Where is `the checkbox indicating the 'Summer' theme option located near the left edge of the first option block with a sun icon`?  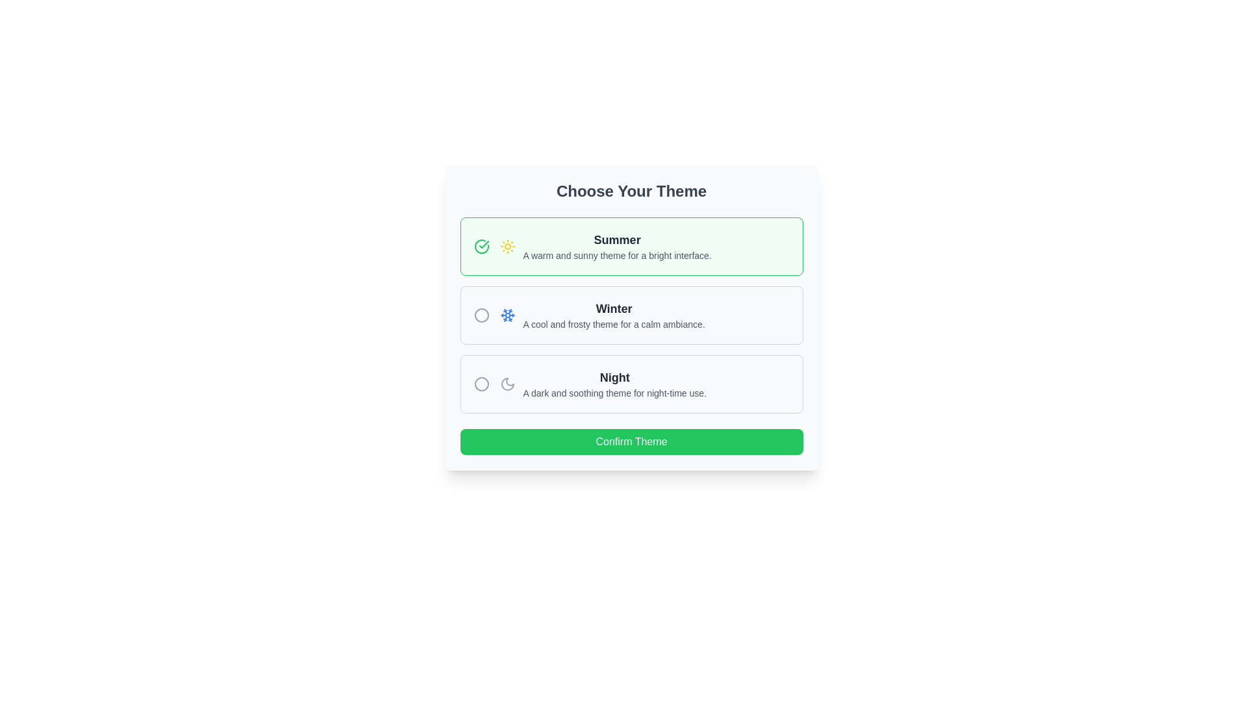
the checkbox indicating the 'Summer' theme option located near the left edge of the first option block with a sun icon is located at coordinates (481, 247).